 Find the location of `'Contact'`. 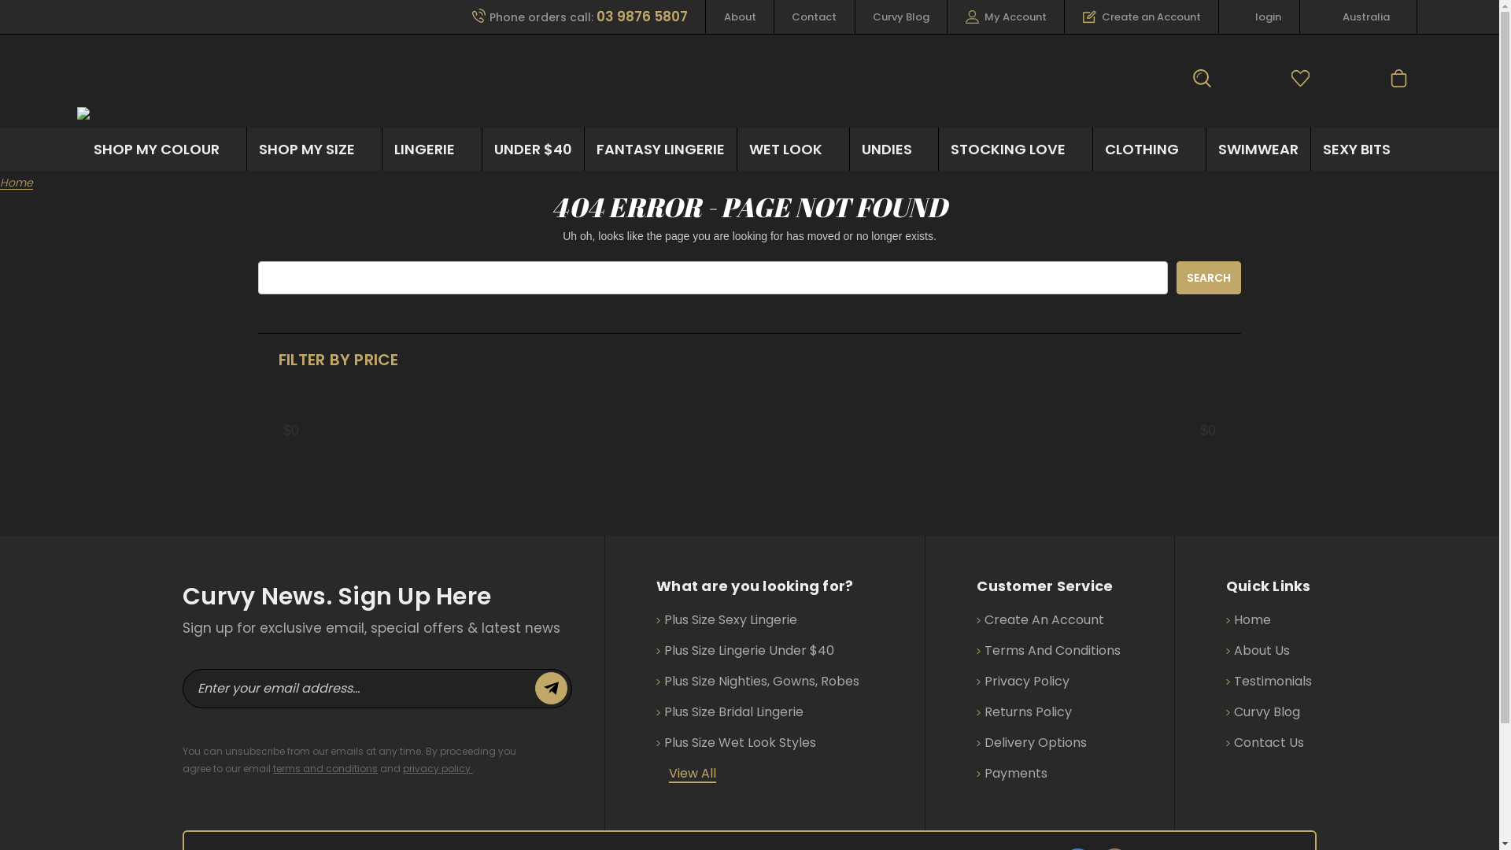

'Contact' is located at coordinates (815, 17).